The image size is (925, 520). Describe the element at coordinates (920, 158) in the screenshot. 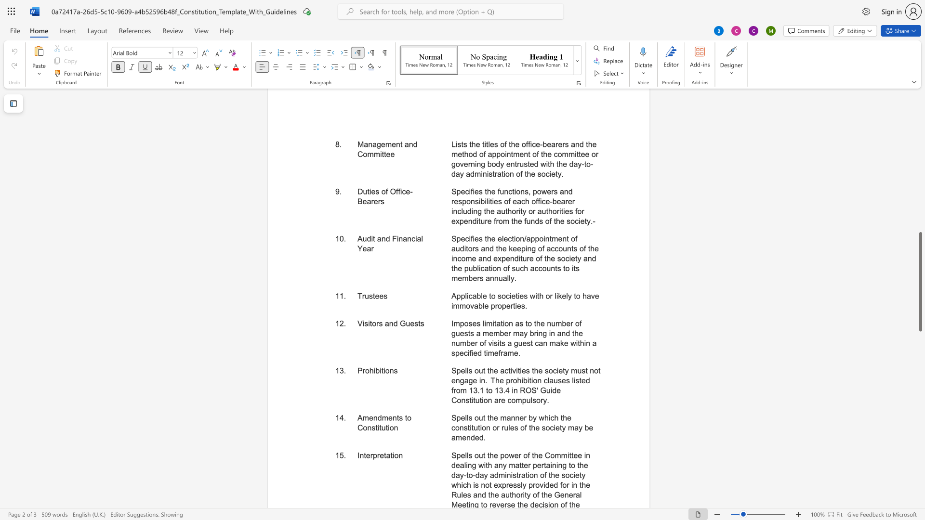

I see `the right-hand scrollbar to ascend the page` at that location.